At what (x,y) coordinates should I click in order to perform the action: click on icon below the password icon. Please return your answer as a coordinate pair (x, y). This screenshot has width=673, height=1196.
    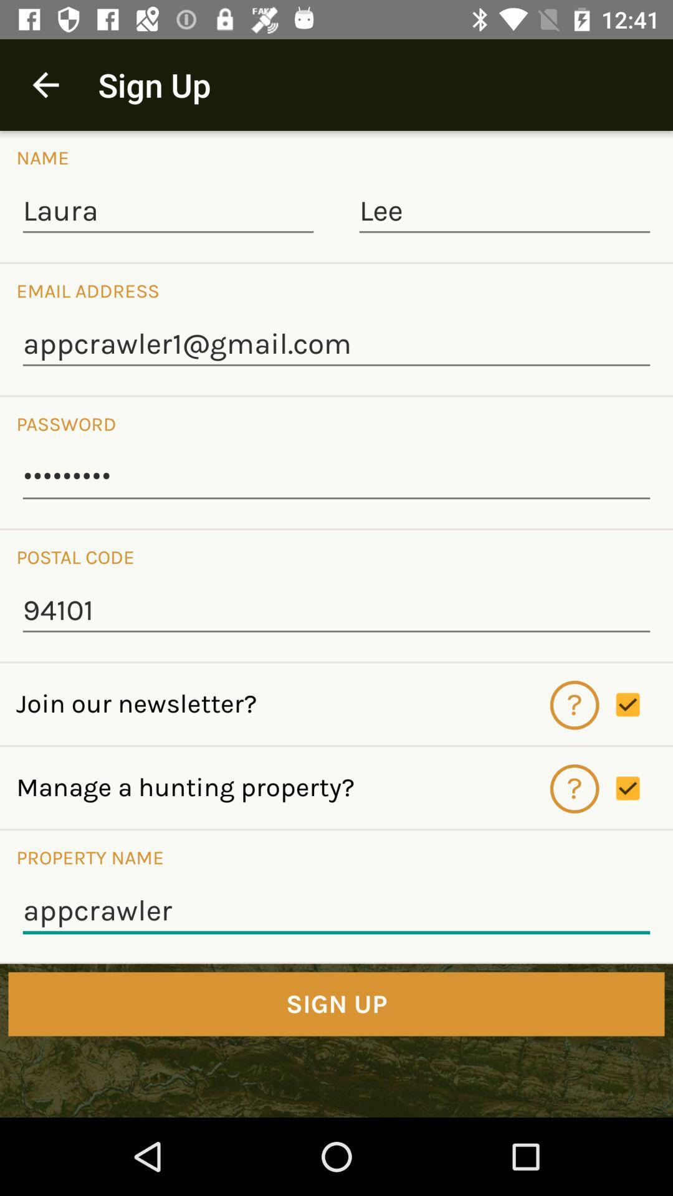
    Looking at the image, I should click on (336, 477).